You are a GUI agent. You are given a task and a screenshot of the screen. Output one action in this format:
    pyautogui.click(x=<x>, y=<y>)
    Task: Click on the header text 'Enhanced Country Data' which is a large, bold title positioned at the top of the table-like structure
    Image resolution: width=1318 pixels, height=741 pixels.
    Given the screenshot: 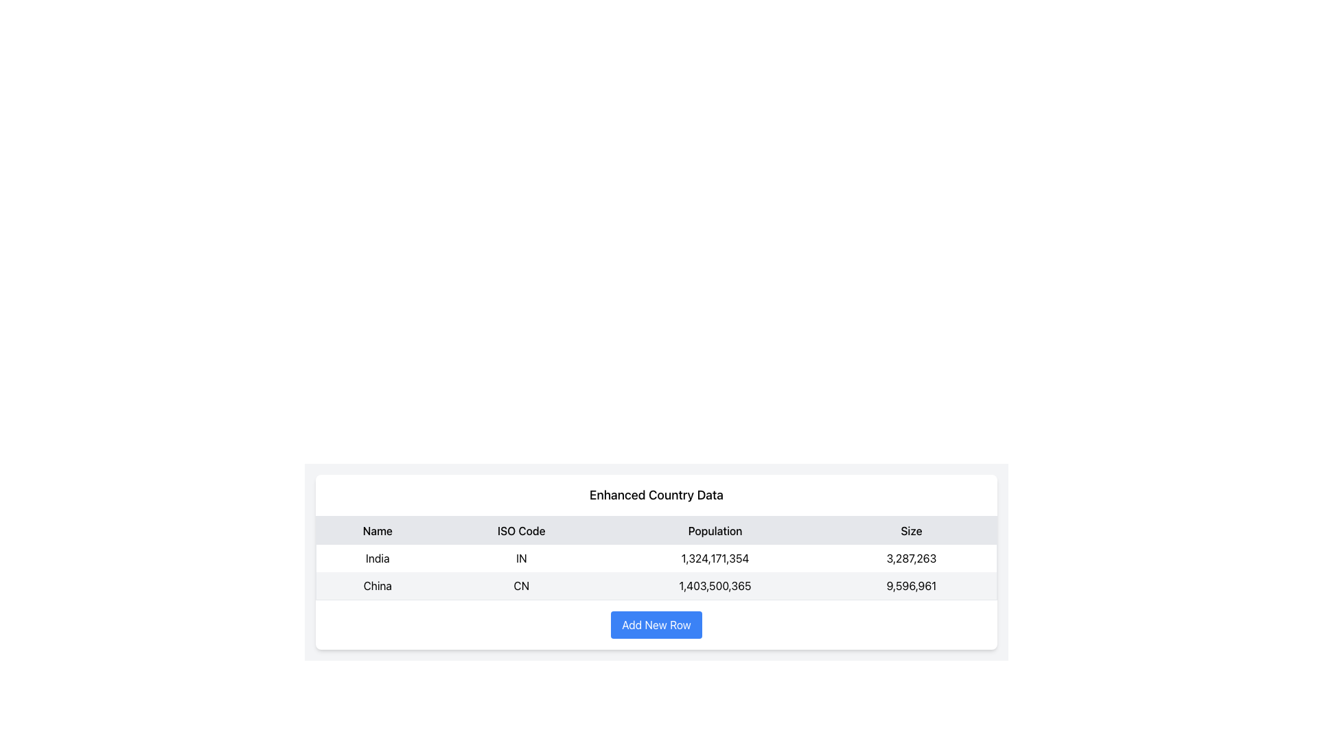 What is the action you would take?
    pyautogui.click(x=656, y=495)
    